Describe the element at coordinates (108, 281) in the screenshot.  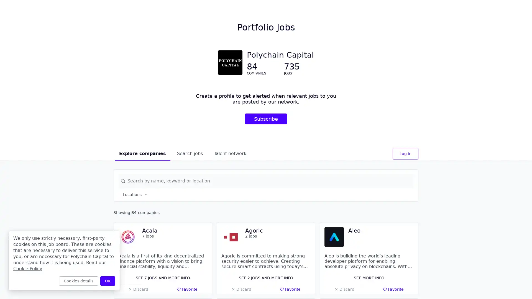
I see `OK` at that location.